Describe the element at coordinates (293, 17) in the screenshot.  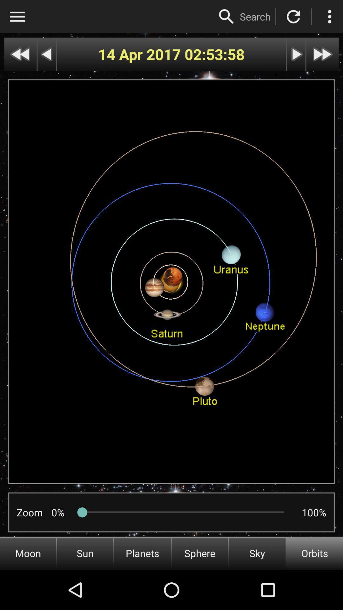
I see `reset` at that location.